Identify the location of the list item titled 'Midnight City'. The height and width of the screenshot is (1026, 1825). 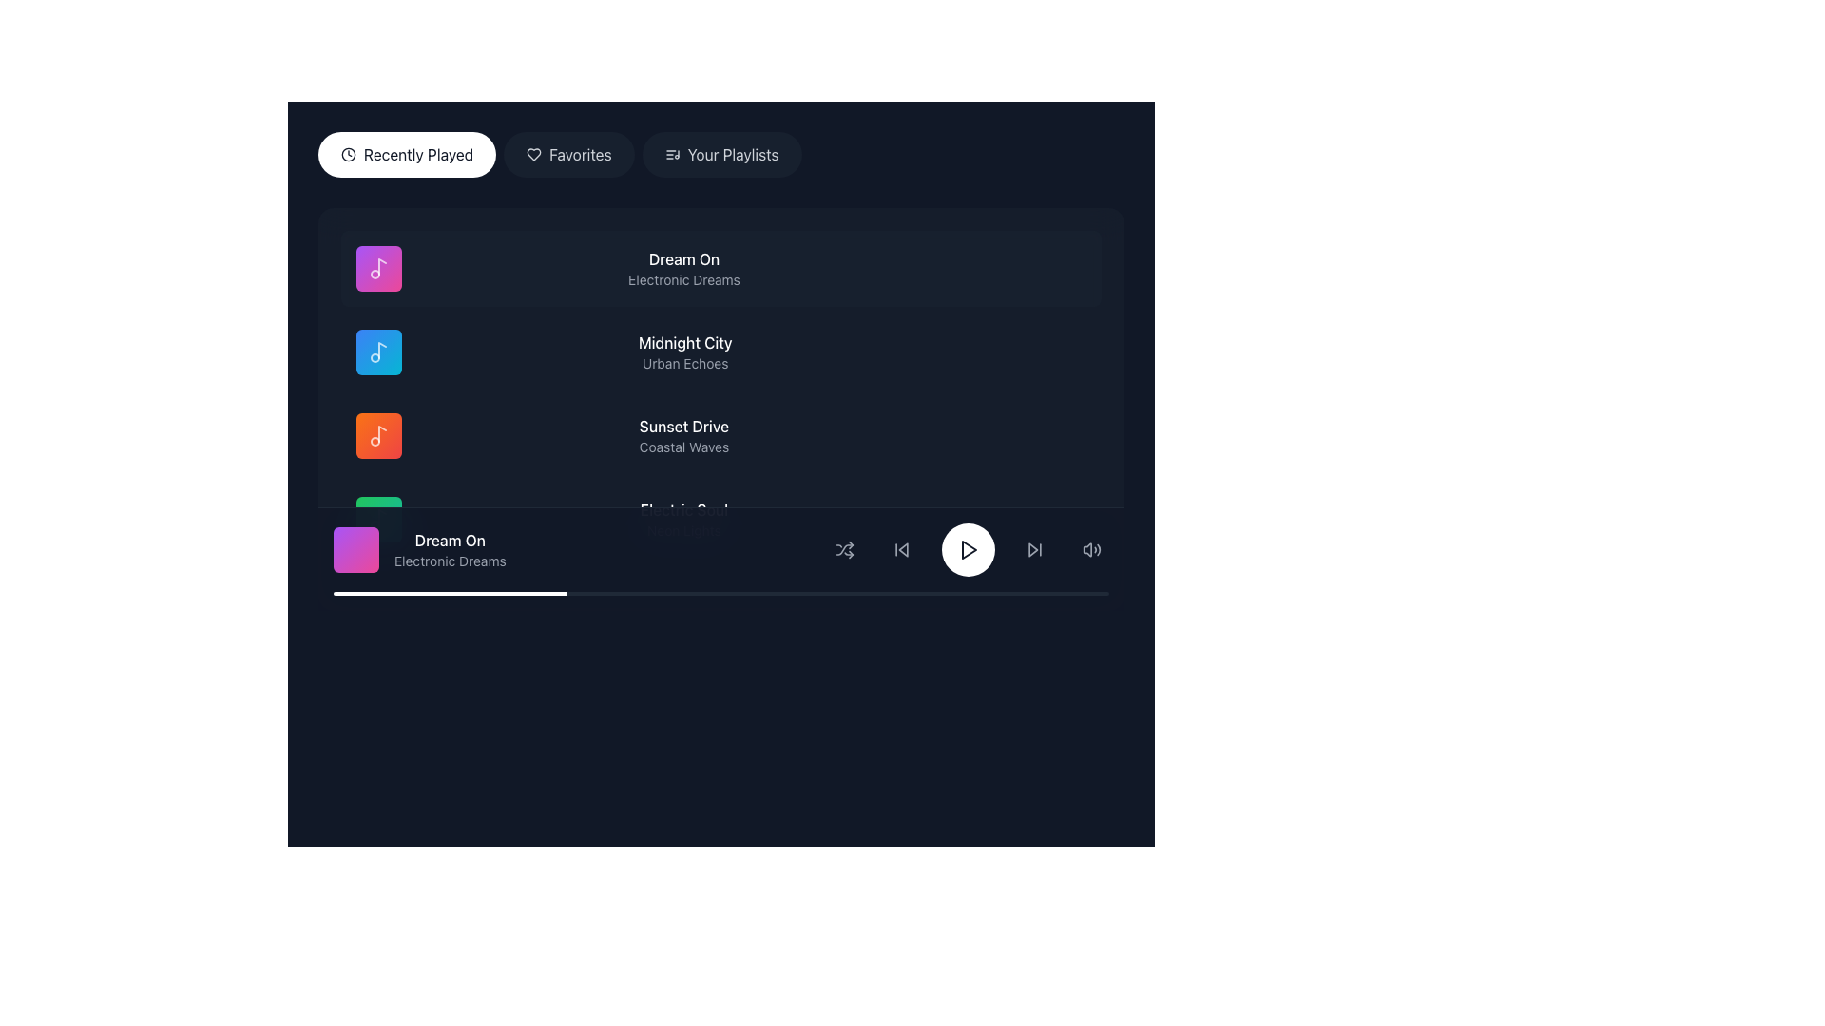
(720, 370).